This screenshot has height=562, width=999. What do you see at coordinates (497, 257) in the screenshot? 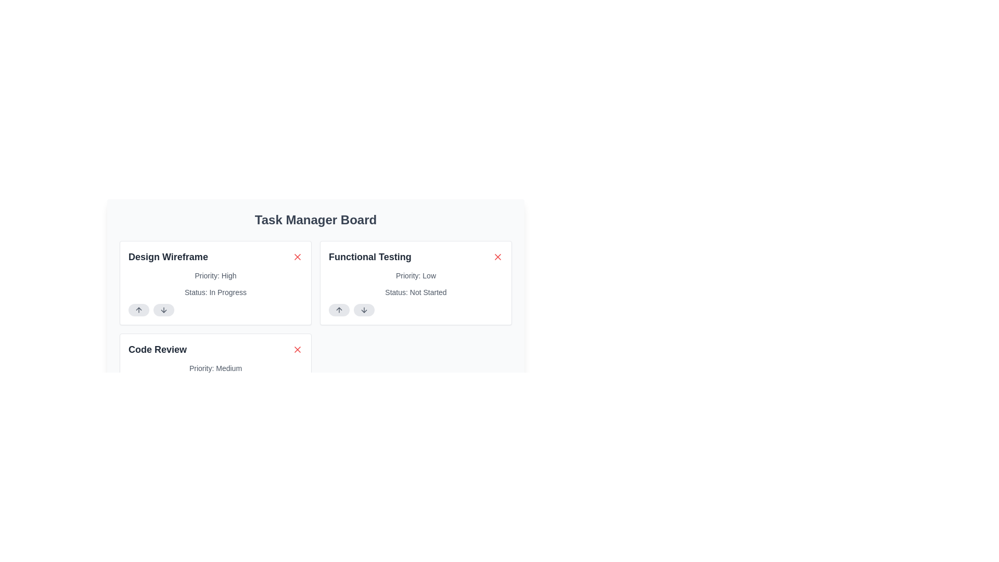
I see `the red close icon located in the top-right corner of the 'Functional Testing' task card` at bounding box center [497, 257].